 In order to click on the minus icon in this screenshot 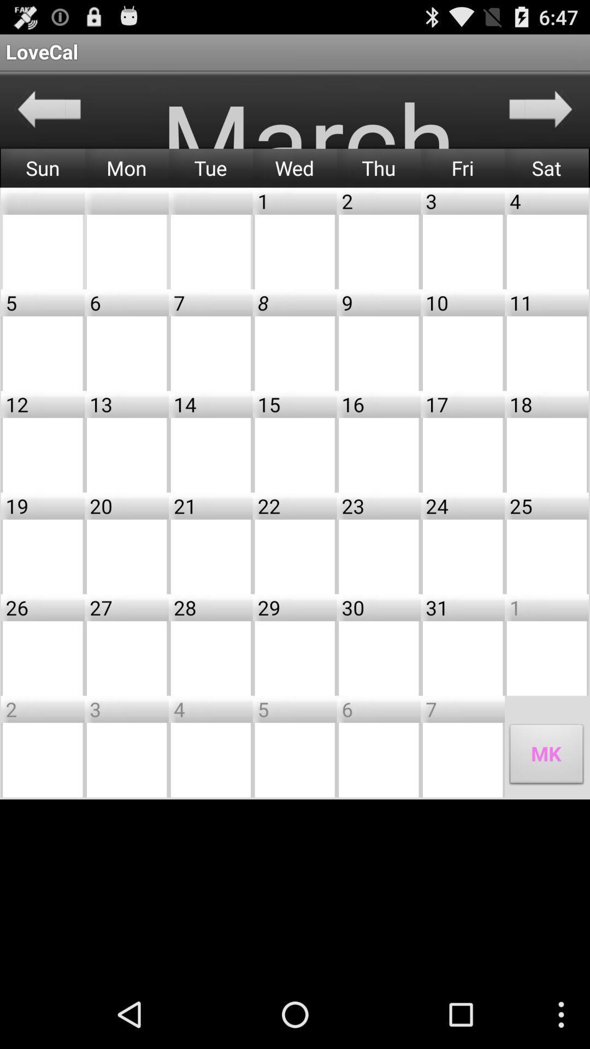, I will do `click(126, 378)`.